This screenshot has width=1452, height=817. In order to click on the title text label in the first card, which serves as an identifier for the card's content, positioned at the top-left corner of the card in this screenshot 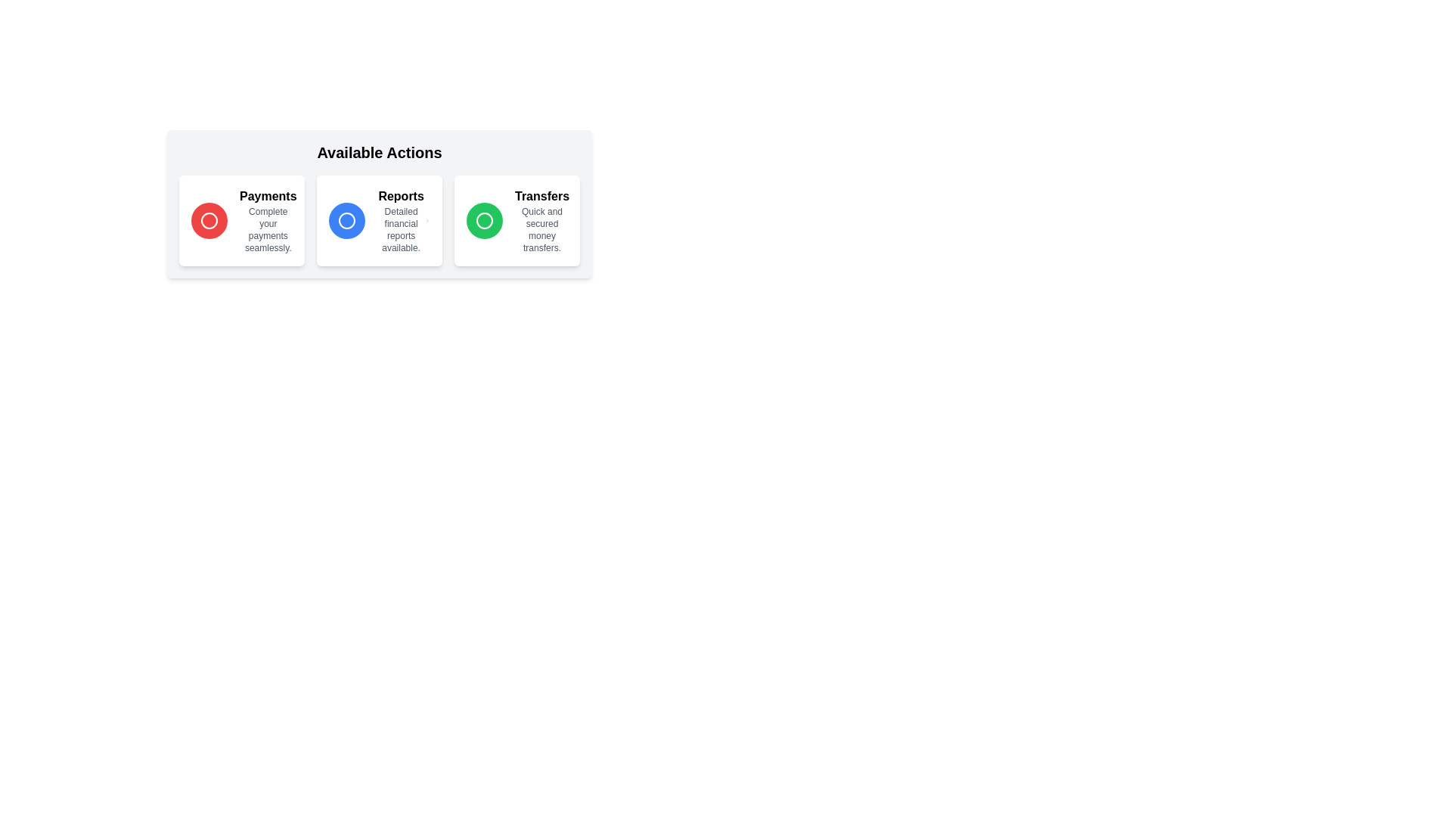, I will do `click(268, 195)`.